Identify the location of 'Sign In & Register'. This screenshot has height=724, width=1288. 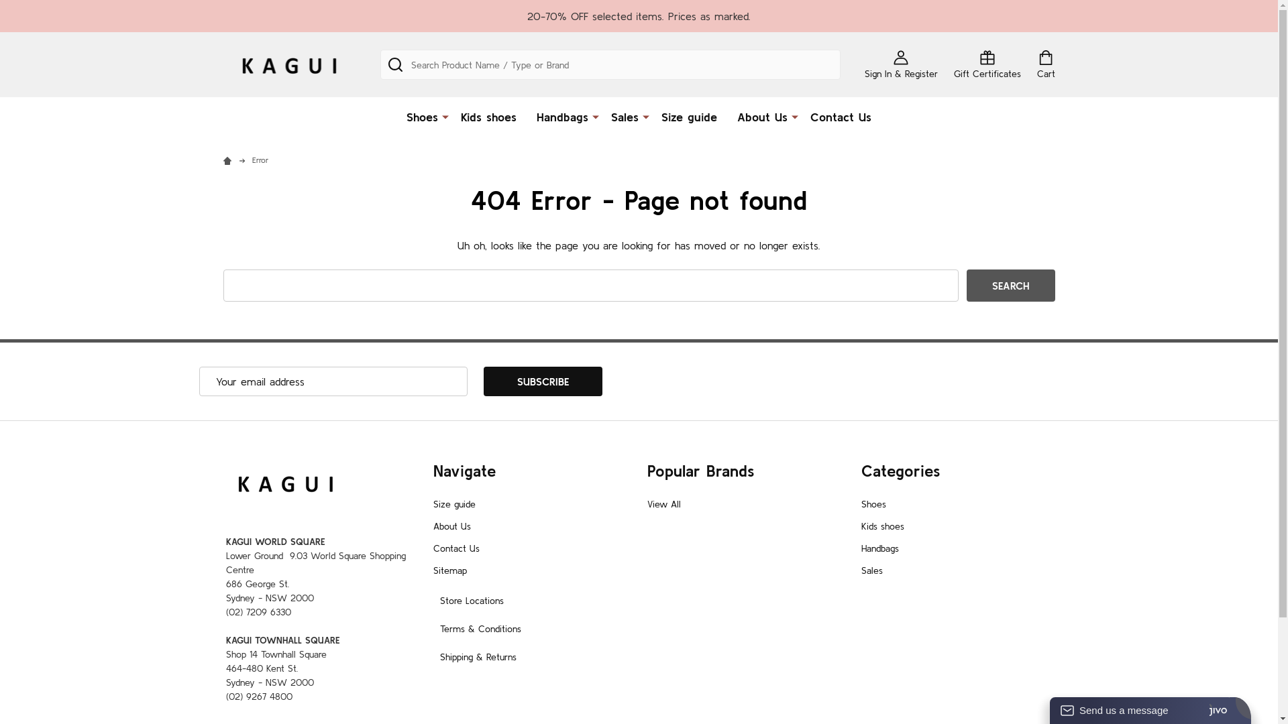
(863, 64).